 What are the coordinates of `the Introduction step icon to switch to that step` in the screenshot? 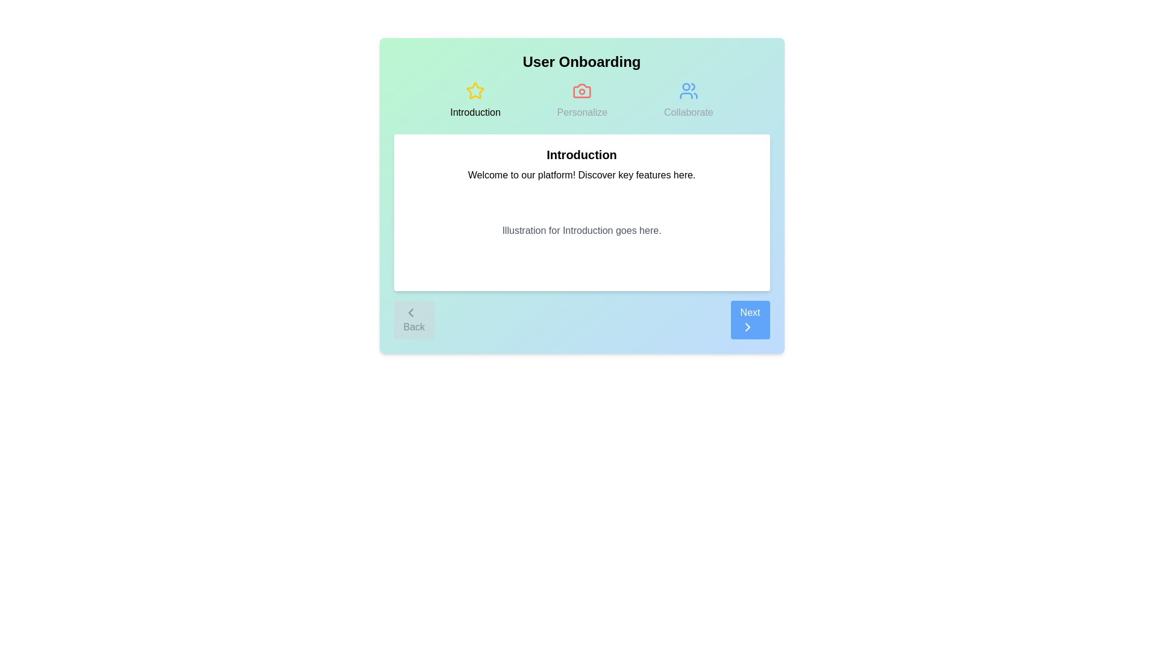 It's located at (475, 99).